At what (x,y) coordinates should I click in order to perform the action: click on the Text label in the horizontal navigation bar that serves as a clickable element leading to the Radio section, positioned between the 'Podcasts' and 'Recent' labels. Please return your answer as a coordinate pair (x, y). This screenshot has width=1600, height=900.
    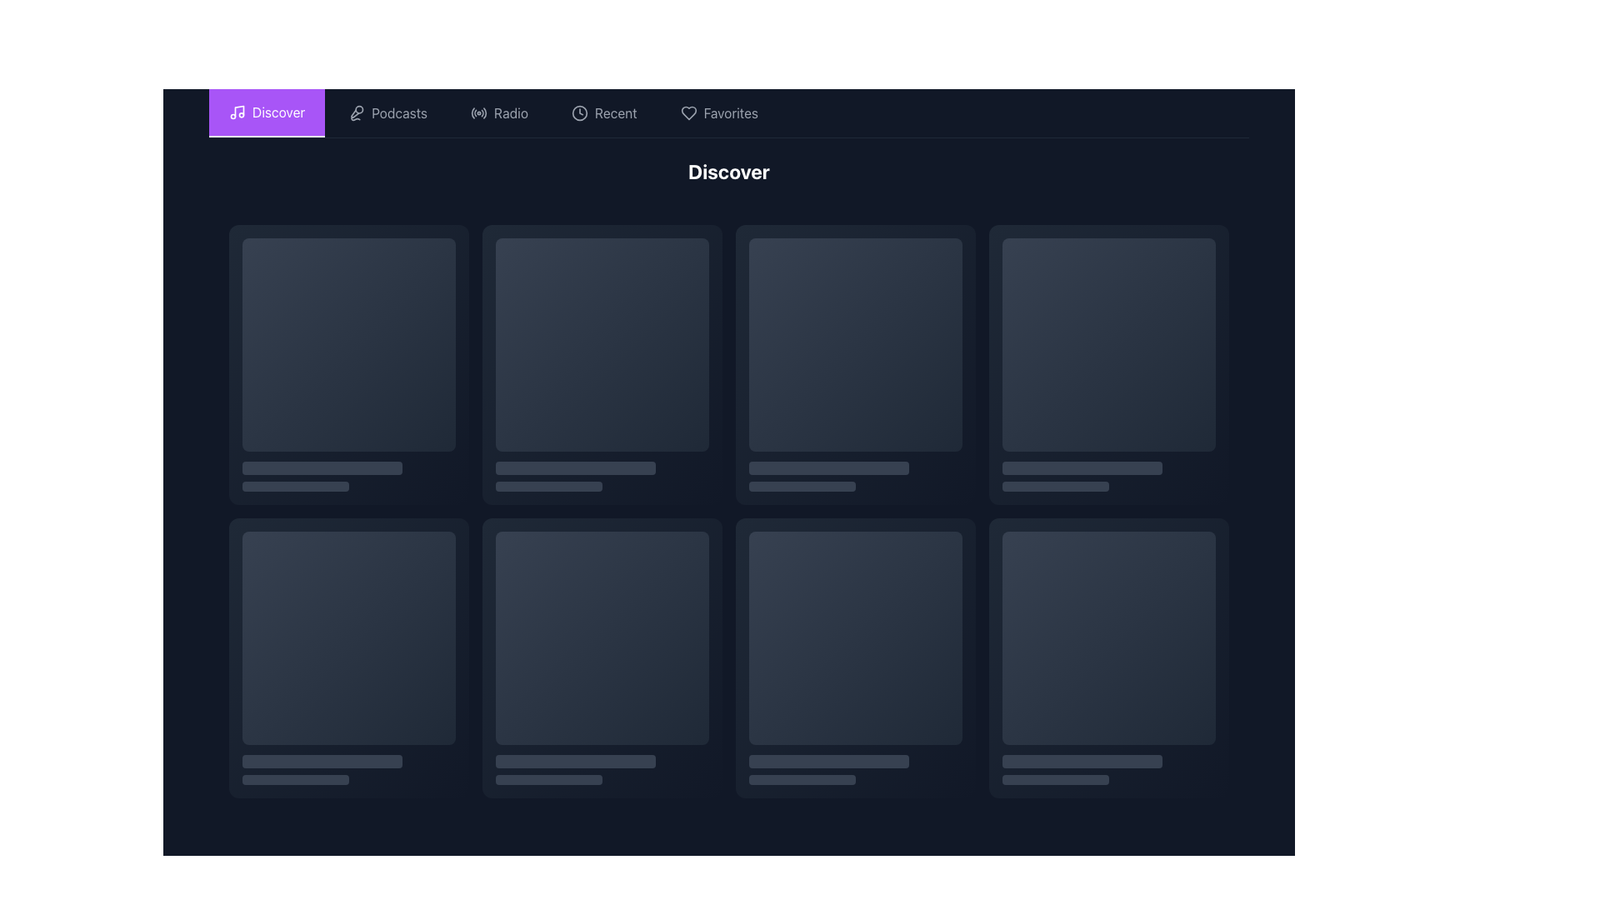
    Looking at the image, I should click on (510, 112).